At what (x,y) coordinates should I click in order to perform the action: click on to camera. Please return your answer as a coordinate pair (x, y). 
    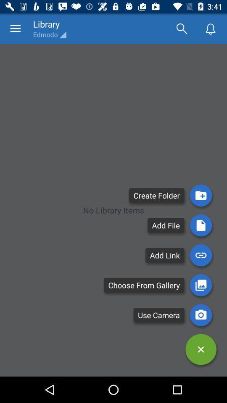
    Looking at the image, I should click on (201, 314).